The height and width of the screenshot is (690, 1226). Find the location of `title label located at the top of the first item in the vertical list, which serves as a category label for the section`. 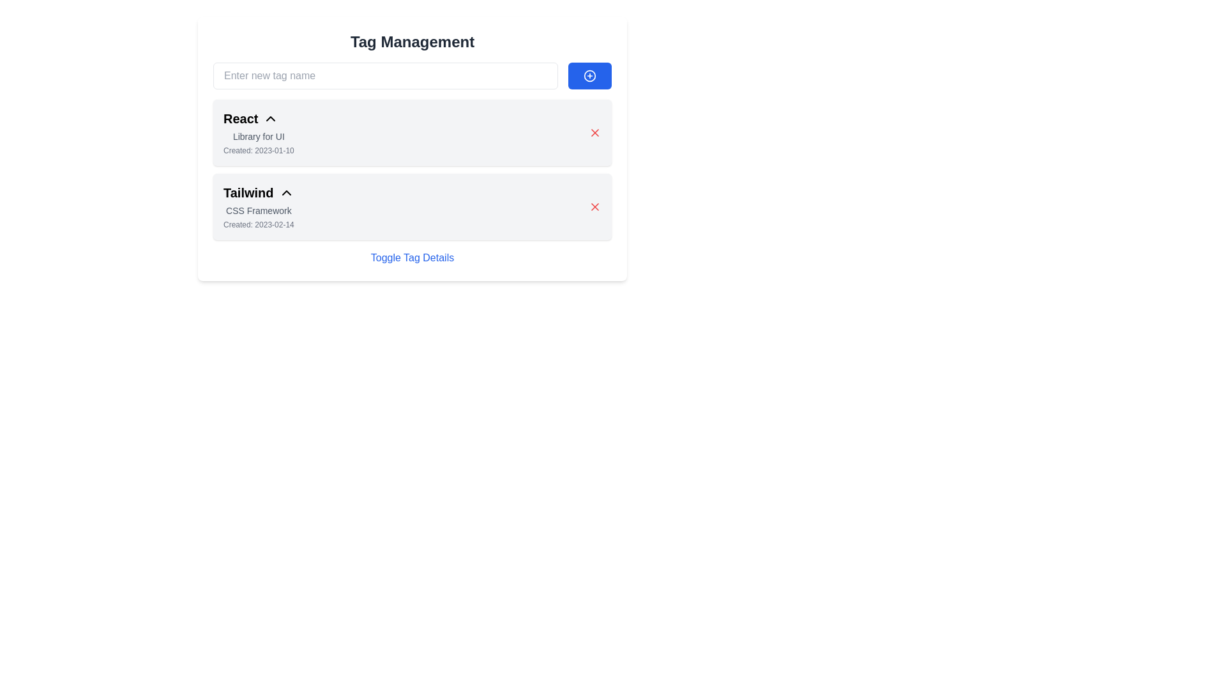

title label located at the top of the first item in the vertical list, which serves as a category label for the section is located at coordinates (258, 118).